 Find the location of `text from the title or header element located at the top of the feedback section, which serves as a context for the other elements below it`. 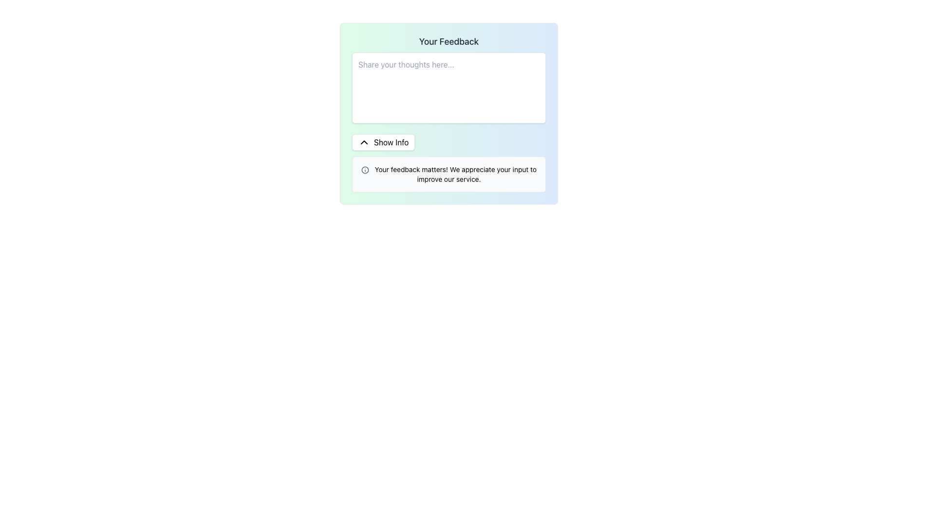

text from the title or header element located at the top of the feedback section, which serves as a context for the other elements below it is located at coordinates (448, 41).